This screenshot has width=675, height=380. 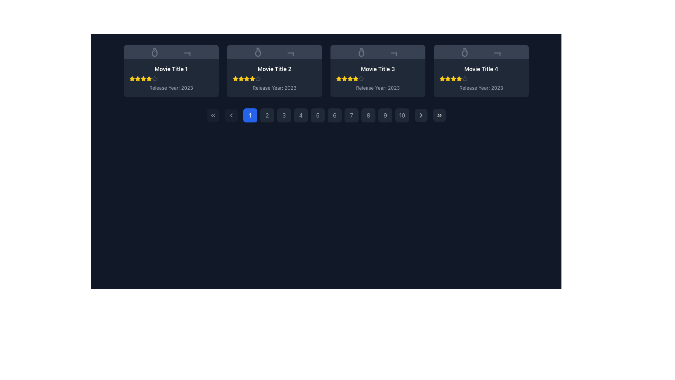 I want to click on the left-facing chevron arrow icon located within the pagination area, immediately to the left of the number '1' button, so click(x=231, y=115).